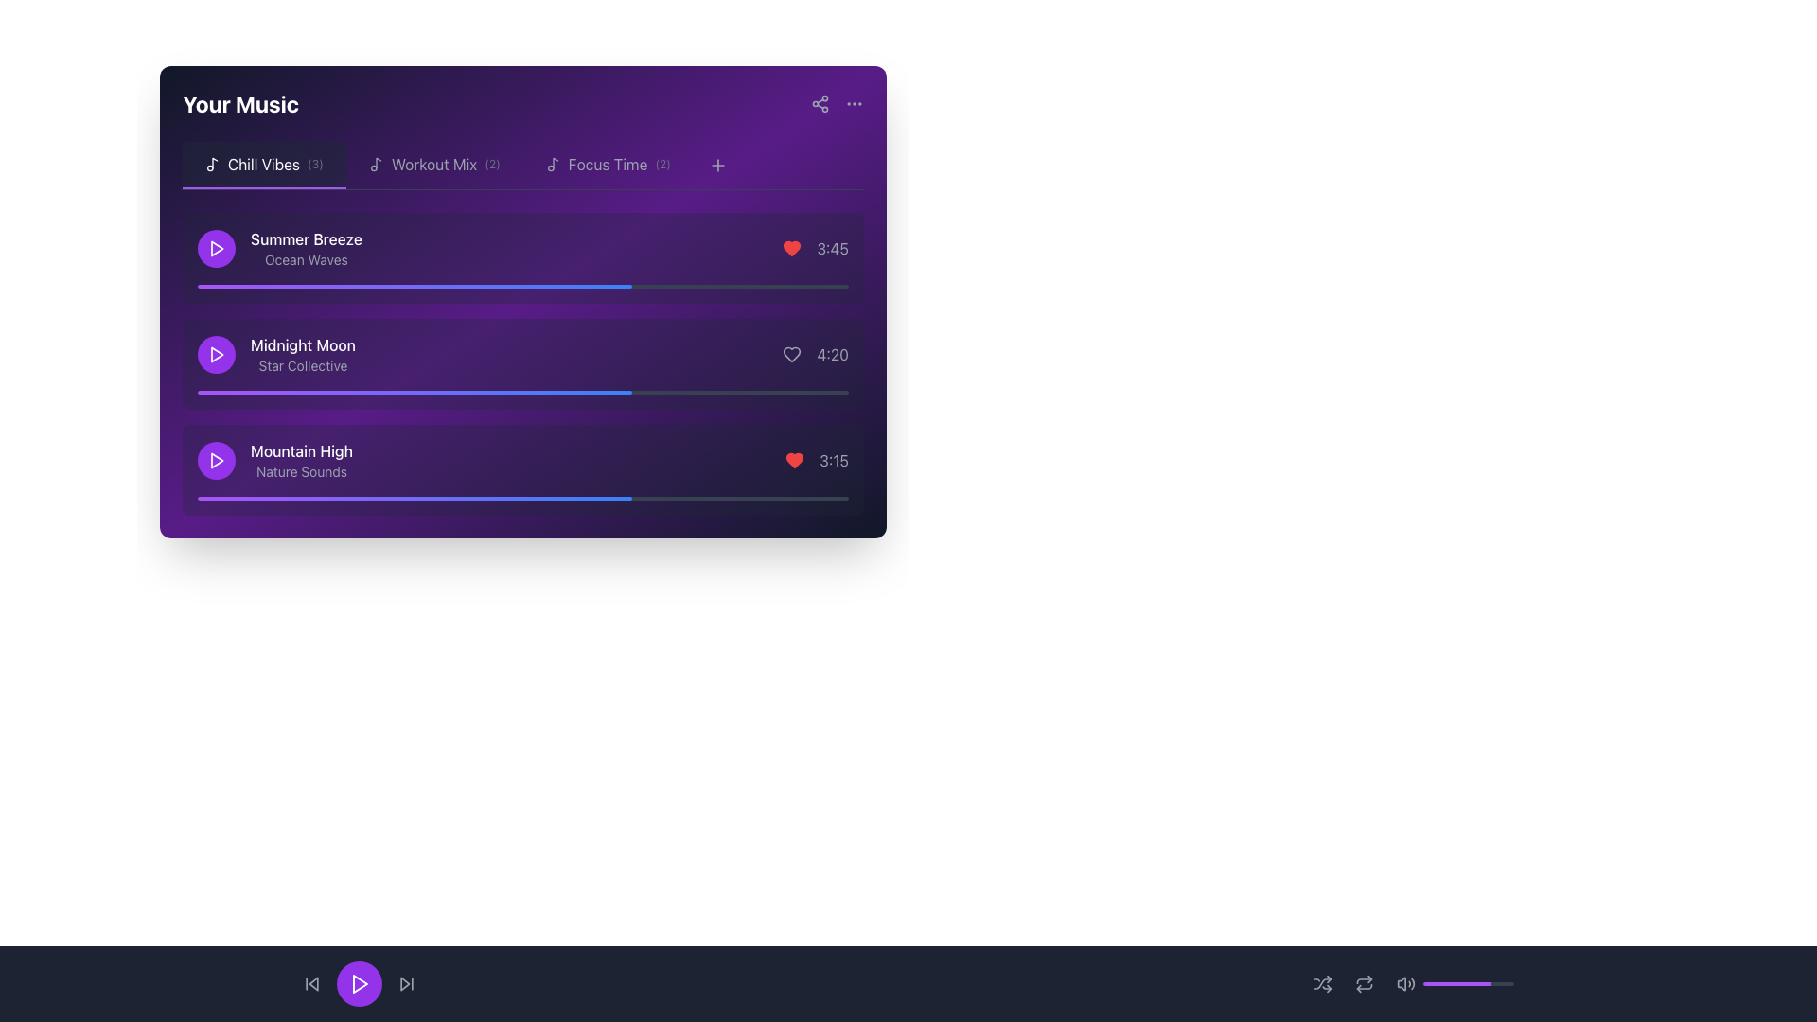 The width and height of the screenshot is (1817, 1022). What do you see at coordinates (522, 364) in the screenshot?
I see `the second song item` at bounding box center [522, 364].